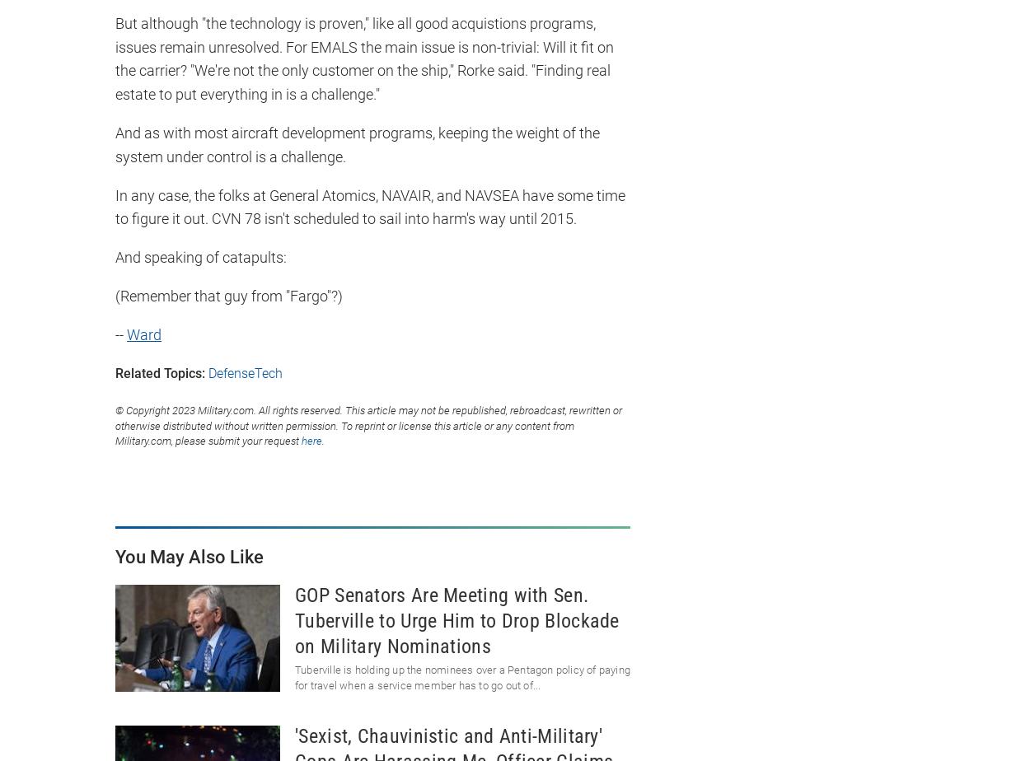  What do you see at coordinates (115, 425) in the screenshot?
I see `'© Copyright 2023 Military.com. All rights reserved. This article may not be republished, rebroadcast, rewritten or otherwise distributed without written permission. To reprint or license this article or any content from Military.com, please submit your request'` at bounding box center [115, 425].